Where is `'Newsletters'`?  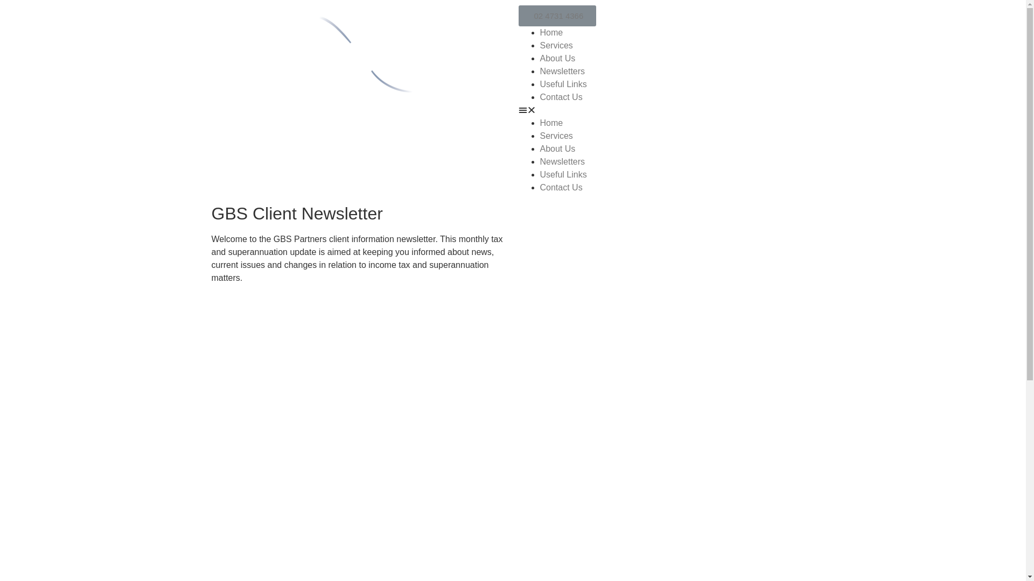 'Newsletters' is located at coordinates (561, 161).